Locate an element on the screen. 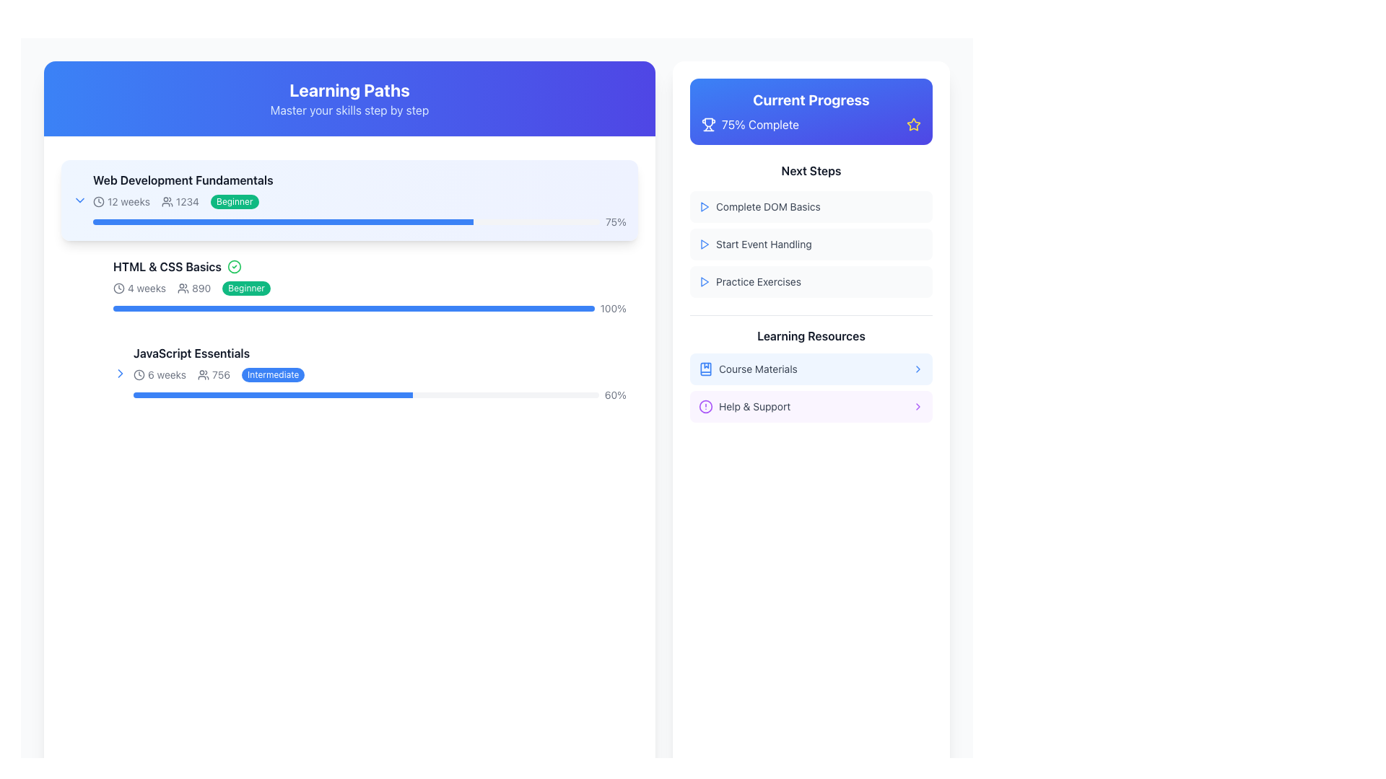 This screenshot has width=1386, height=779. the star icon located in the top-right corner of the 'Current Progress' card, adjacent to the '75% Complete' text is located at coordinates (913, 124).